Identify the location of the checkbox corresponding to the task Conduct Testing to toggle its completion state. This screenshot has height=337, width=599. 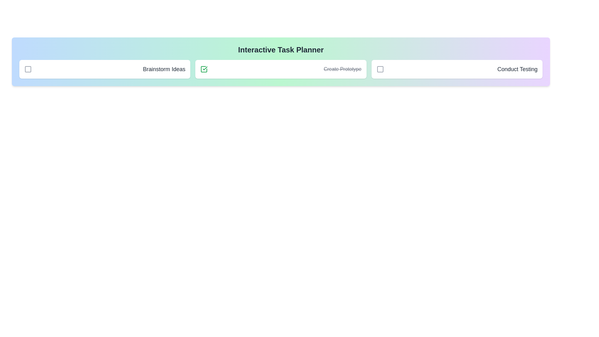
(380, 69).